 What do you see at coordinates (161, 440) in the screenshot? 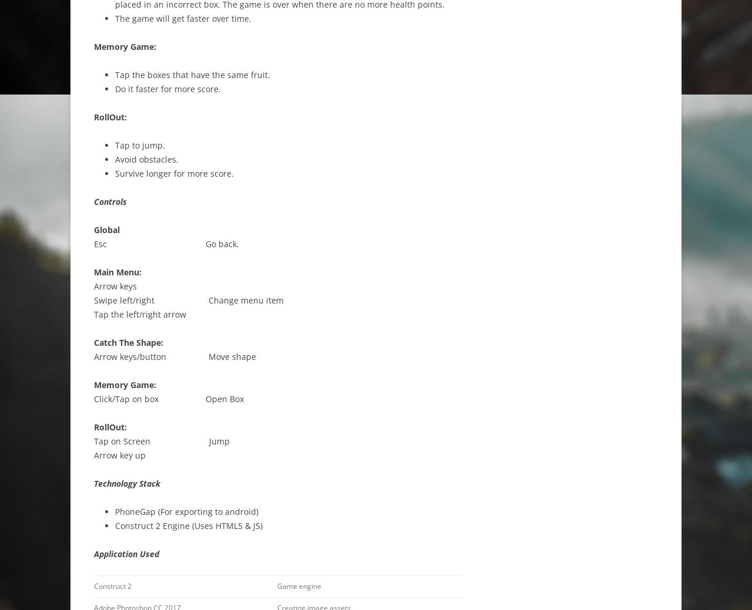
I see `'Tap on Screen                         Jump'` at bounding box center [161, 440].